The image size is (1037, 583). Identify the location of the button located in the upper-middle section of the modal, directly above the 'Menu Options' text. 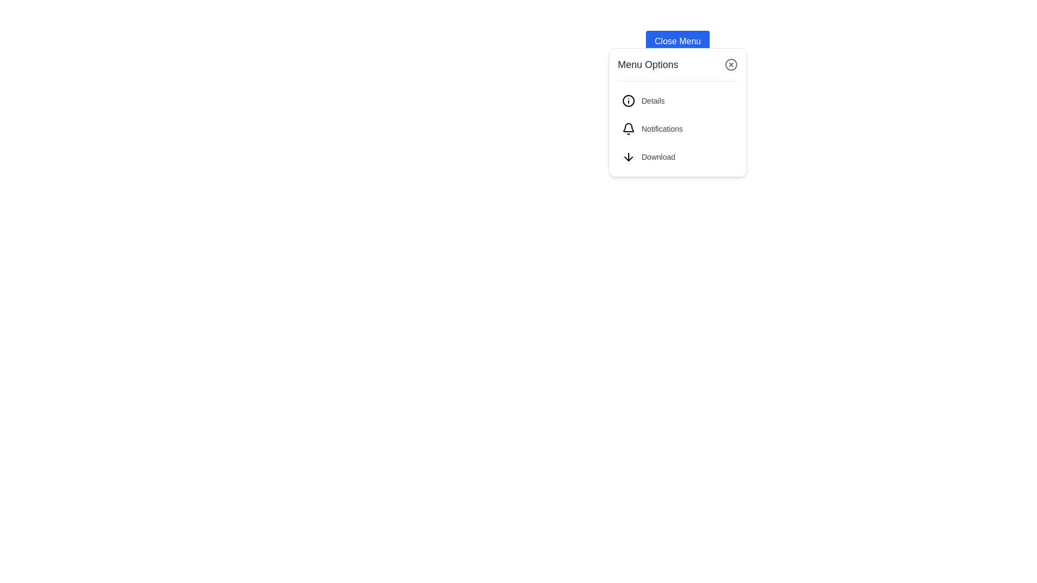
(677, 41).